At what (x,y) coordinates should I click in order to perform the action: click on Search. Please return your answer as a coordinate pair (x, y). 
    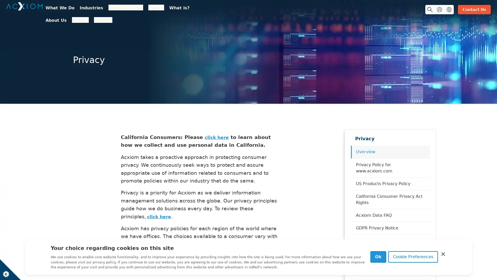
    Looking at the image, I should click on (426, 10).